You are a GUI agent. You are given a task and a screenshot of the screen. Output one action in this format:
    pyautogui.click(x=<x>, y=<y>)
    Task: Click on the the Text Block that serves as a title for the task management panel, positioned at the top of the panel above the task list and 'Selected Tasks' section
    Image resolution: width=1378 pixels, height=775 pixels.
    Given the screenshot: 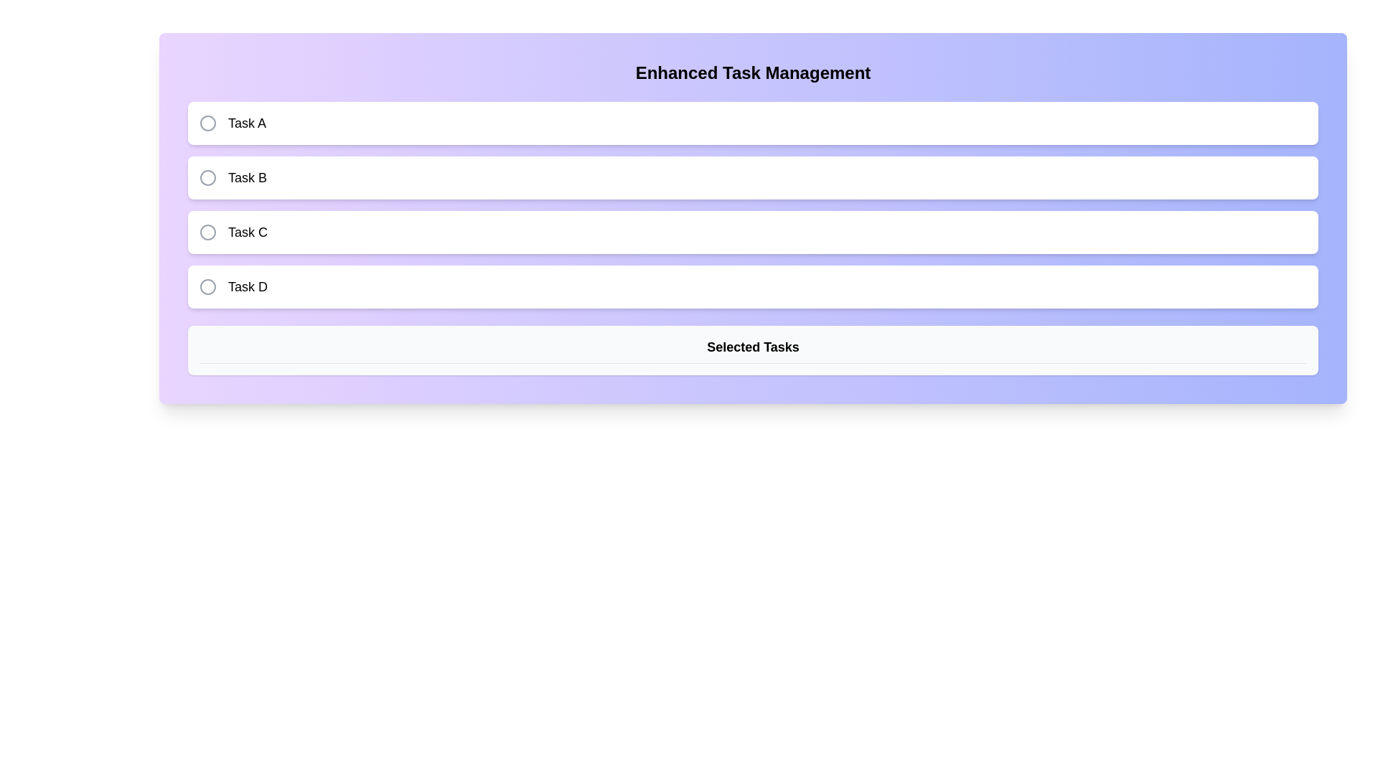 What is the action you would take?
    pyautogui.click(x=752, y=72)
    